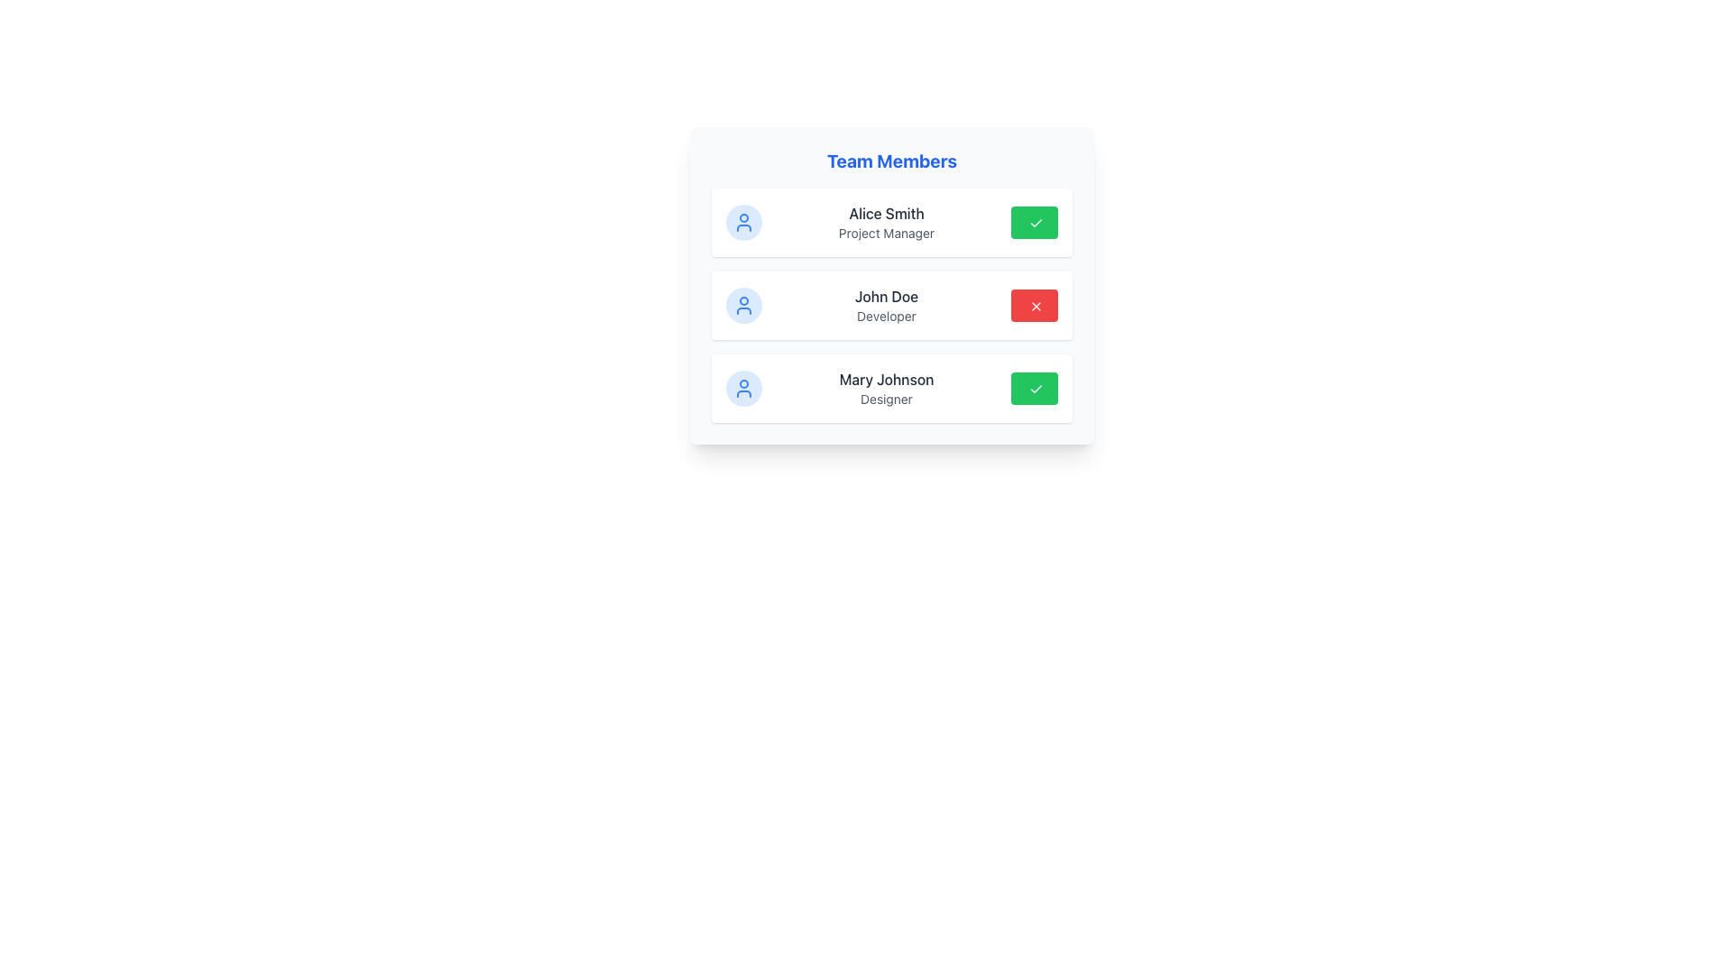  I want to click on the blue user icon with a circular background located near the text 'John Doe' and the label 'Developer', so click(744, 305).